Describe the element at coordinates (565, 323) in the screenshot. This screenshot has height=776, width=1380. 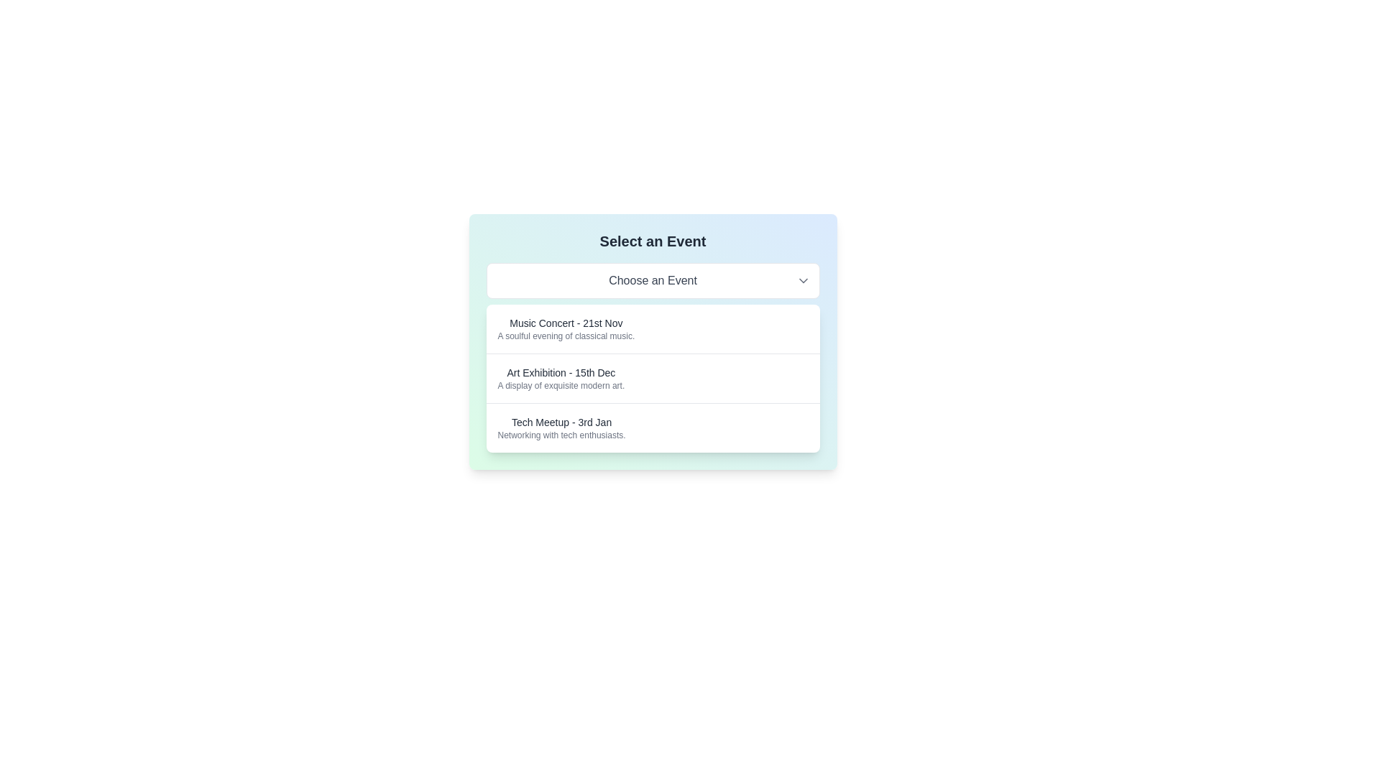
I see `text displayed in the title label that says 'Music Concert - 21st Nov', which is positioned at the top-left of the event listing area` at that location.